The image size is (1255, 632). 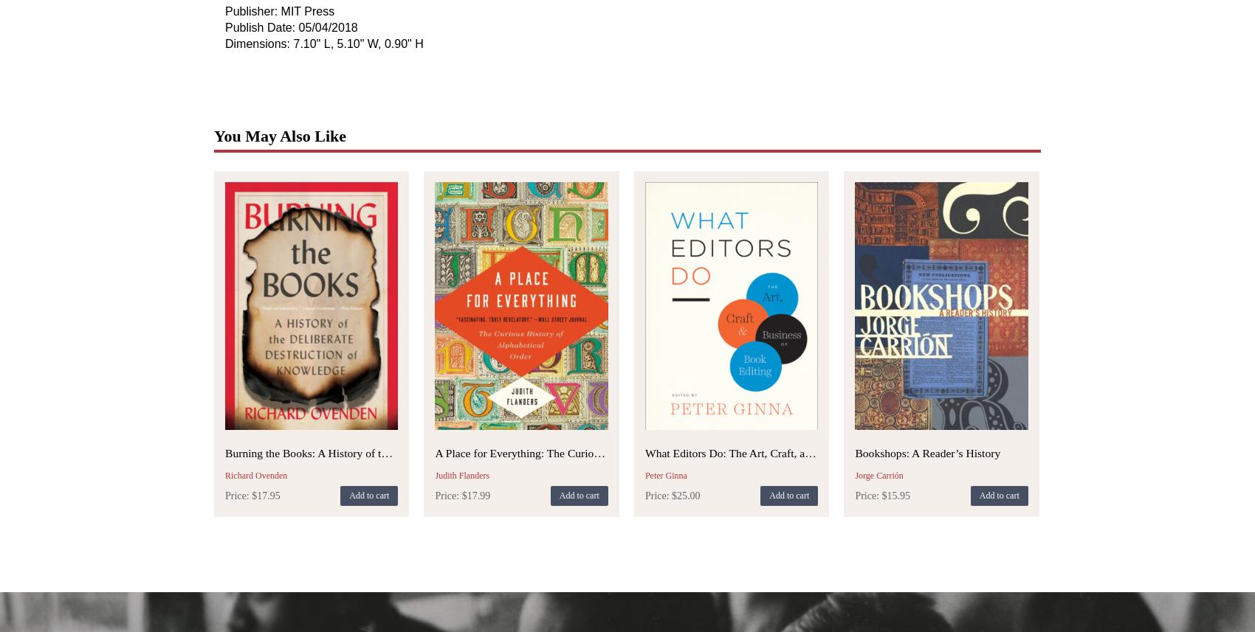 I want to click on 'Dimensions:
                        7.10" L, 5.10" W, 0.90" H', so click(x=323, y=42).